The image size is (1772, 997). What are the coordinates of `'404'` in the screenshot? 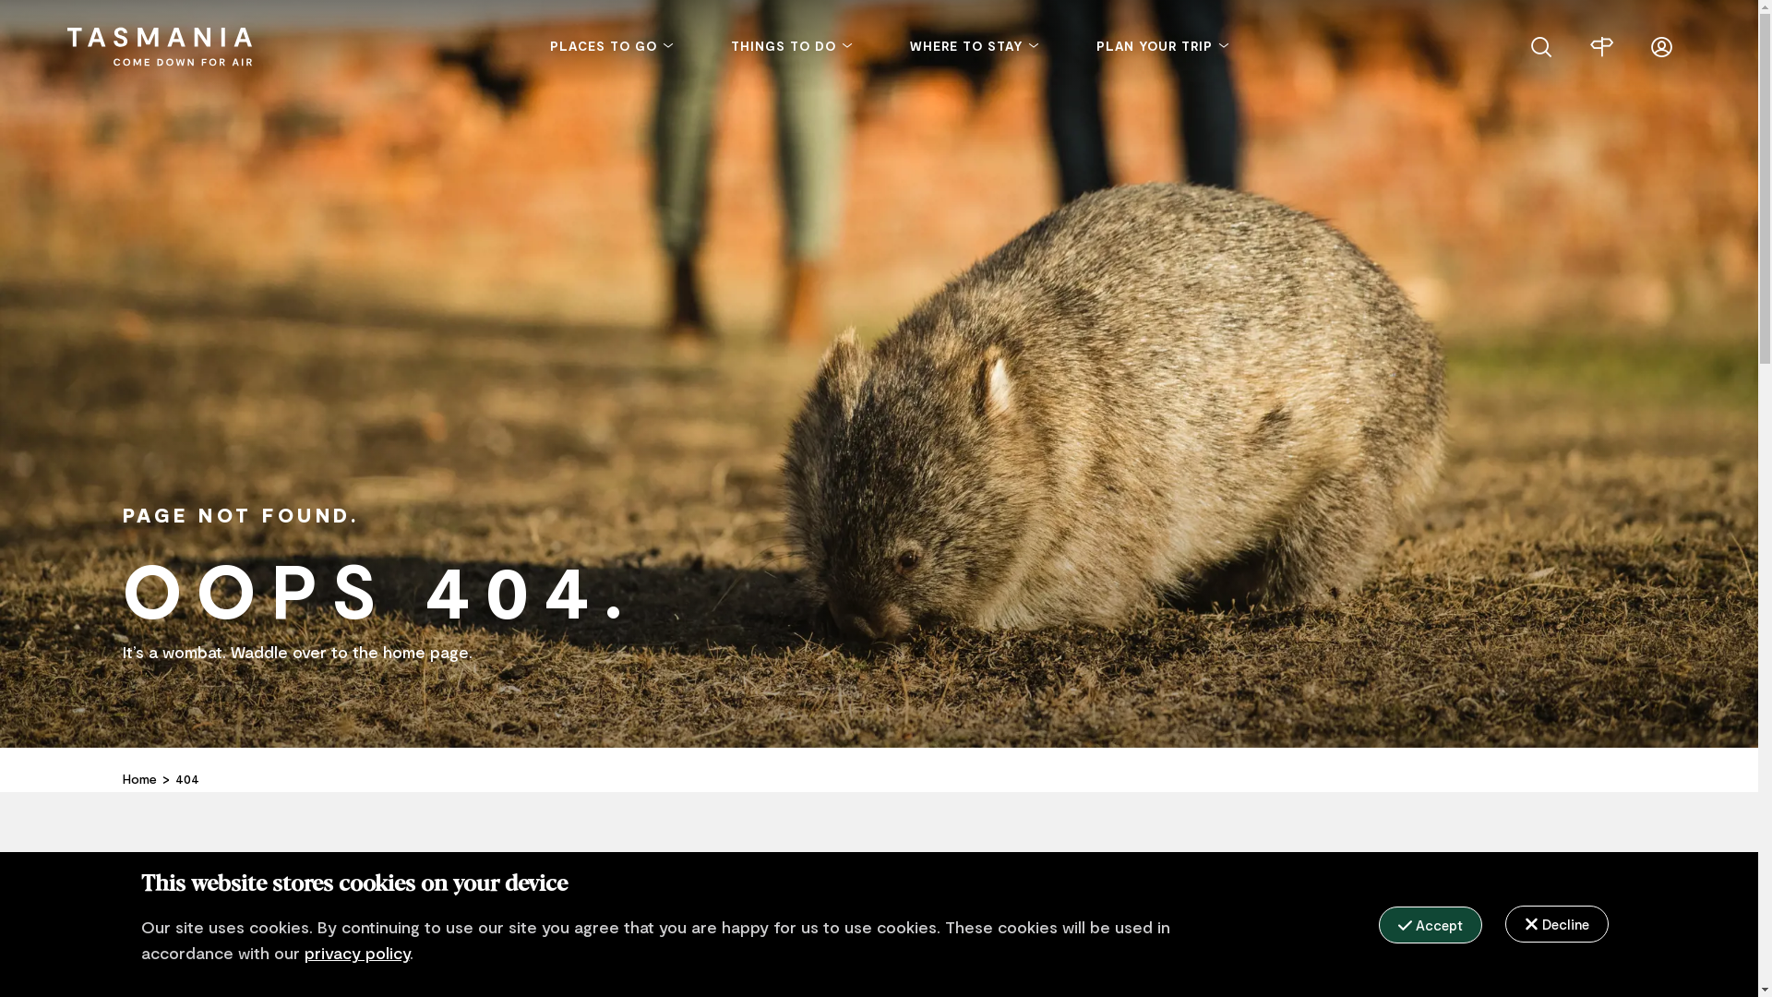 It's located at (186, 779).